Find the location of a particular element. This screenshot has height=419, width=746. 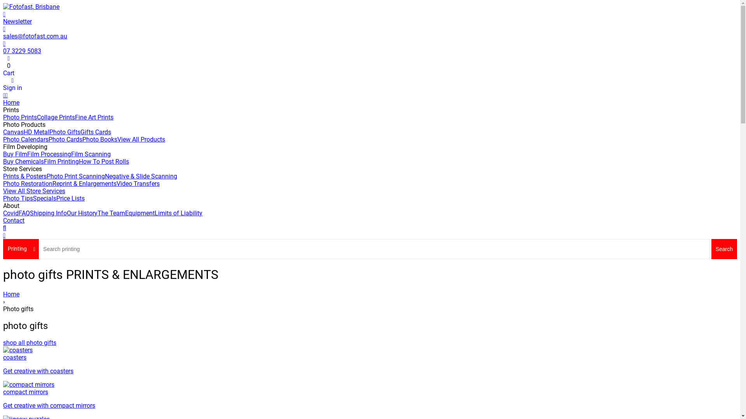

'Film Processing' is located at coordinates (49, 154).